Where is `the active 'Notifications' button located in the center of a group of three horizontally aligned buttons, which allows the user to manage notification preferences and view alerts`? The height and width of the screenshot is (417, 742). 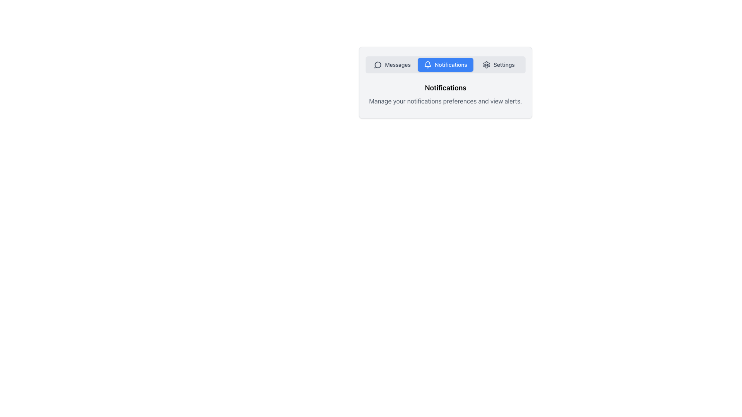 the active 'Notifications' button located in the center of a group of three horizontally aligned buttons, which allows the user to manage notification preferences and view alerts is located at coordinates (445, 64).